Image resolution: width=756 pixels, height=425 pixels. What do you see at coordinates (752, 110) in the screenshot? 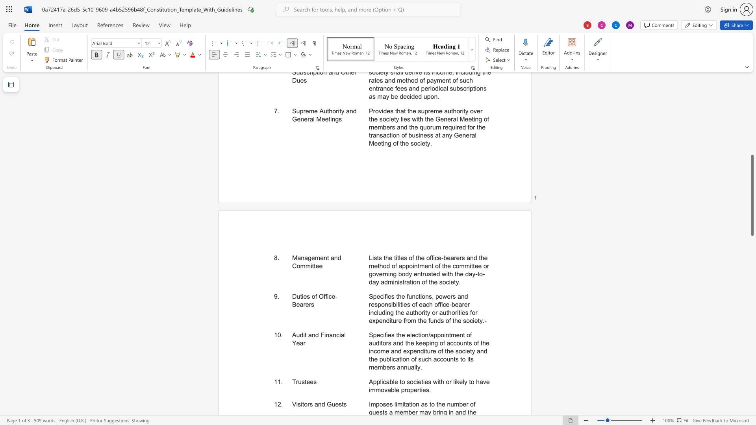
I see `the scrollbar to scroll the page up` at bounding box center [752, 110].